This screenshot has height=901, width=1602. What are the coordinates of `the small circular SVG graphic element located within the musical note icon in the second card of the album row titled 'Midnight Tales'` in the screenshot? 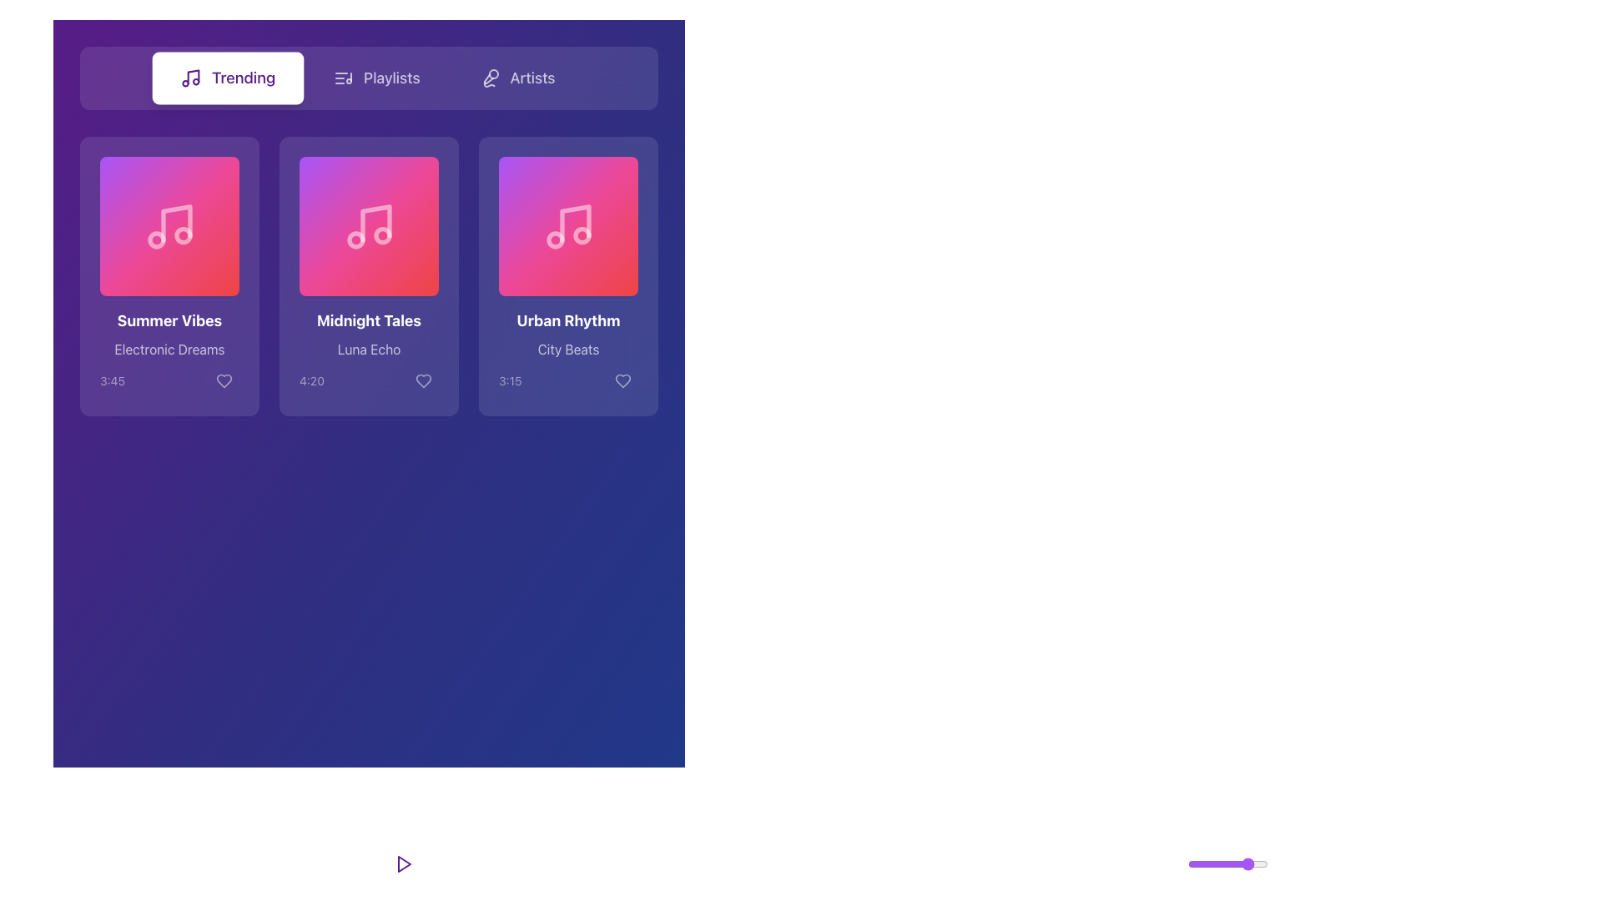 It's located at (355, 239).